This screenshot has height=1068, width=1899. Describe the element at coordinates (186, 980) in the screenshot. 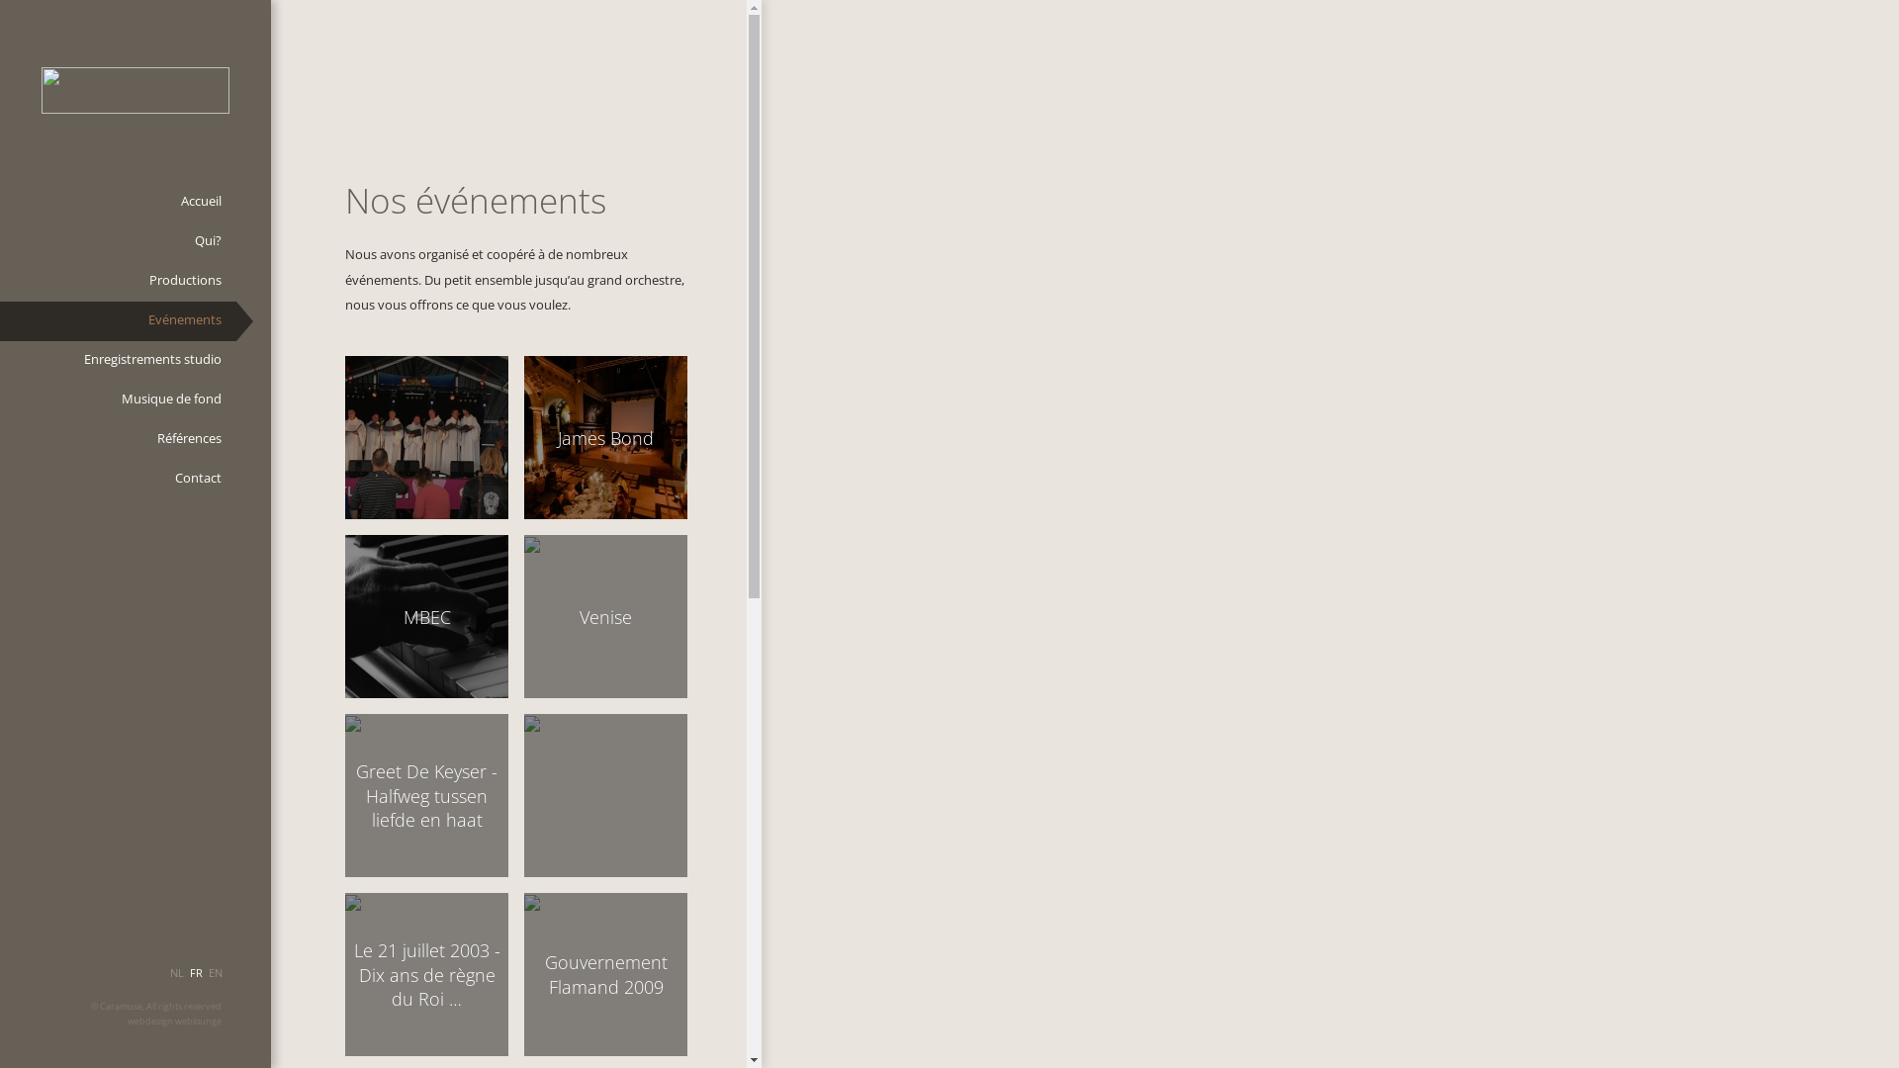

I see `'FR'` at that location.